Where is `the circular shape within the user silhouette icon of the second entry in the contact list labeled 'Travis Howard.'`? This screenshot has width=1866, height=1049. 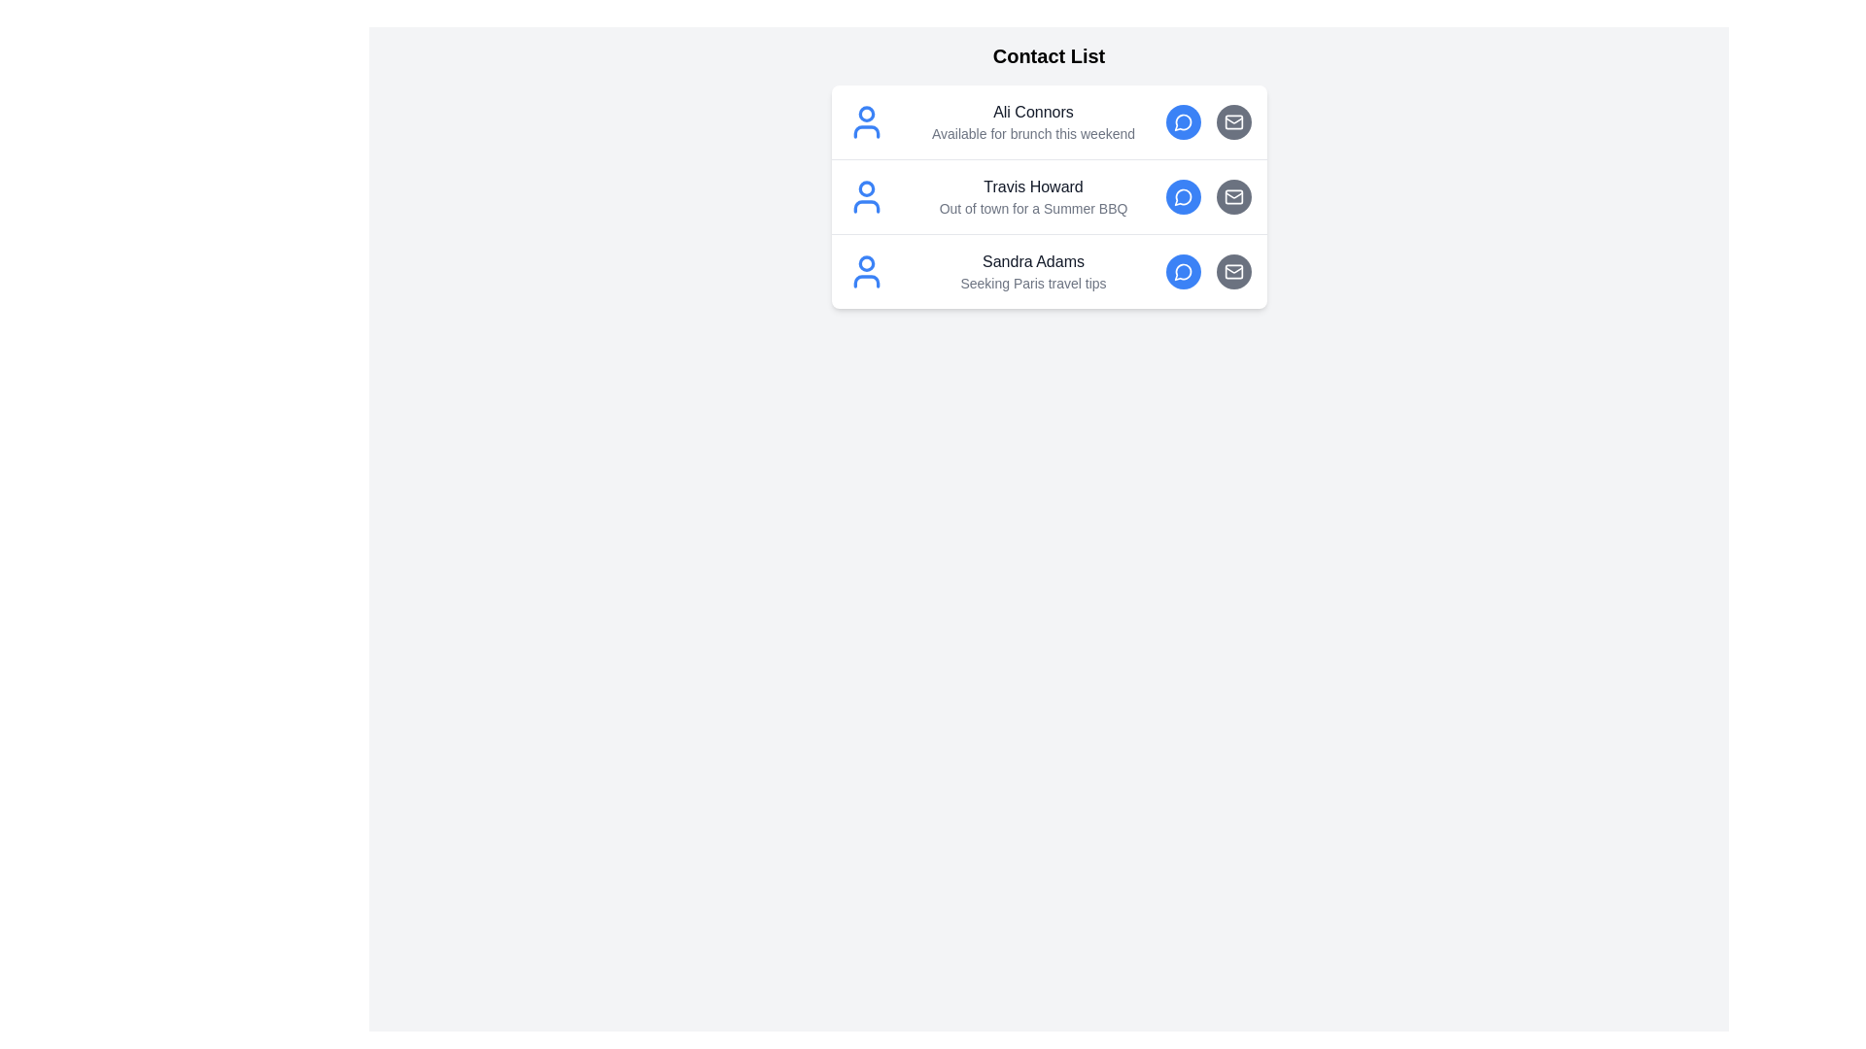 the circular shape within the user silhouette icon of the second entry in the contact list labeled 'Travis Howard.' is located at coordinates (865, 188).